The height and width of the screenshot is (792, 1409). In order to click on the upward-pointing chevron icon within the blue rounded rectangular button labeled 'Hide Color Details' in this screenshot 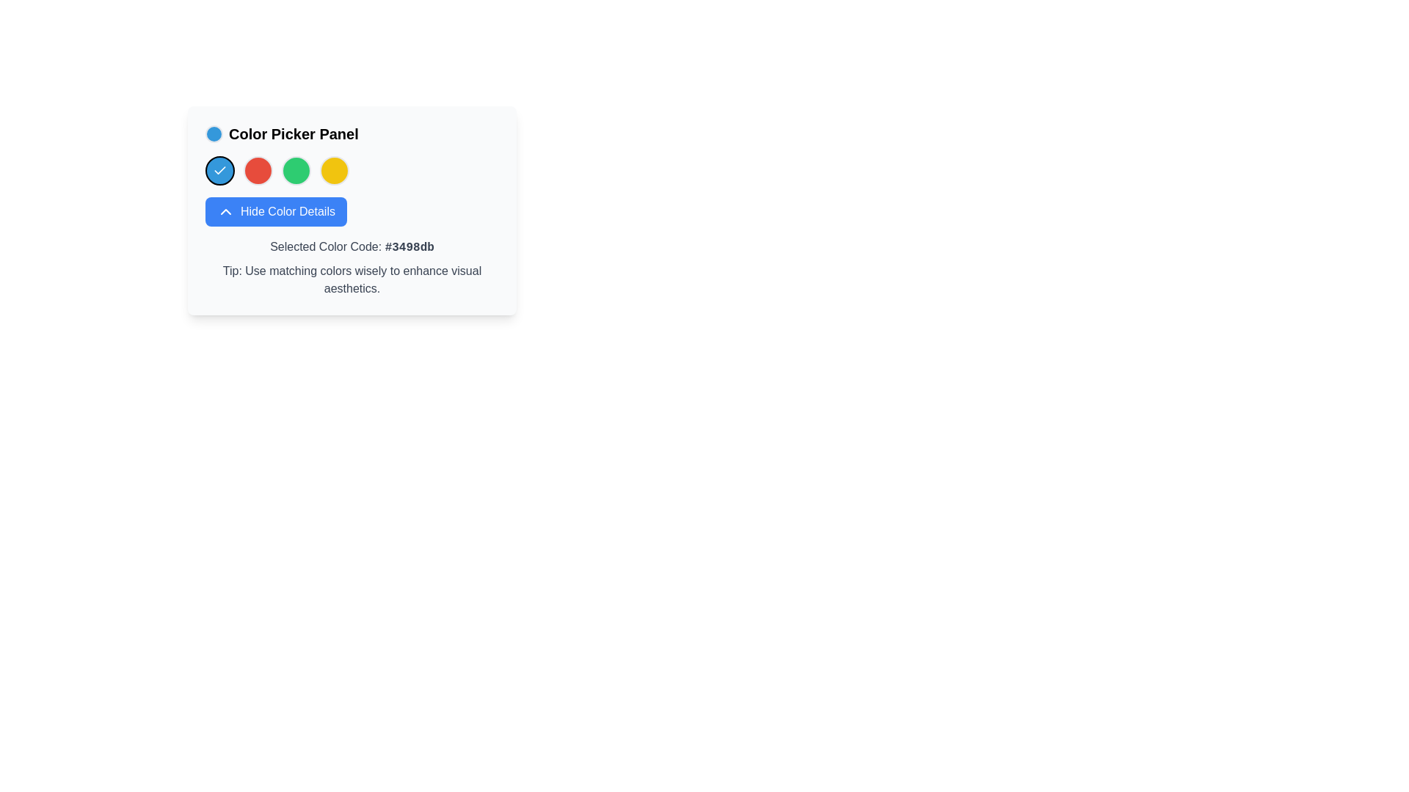, I will do `click(225, 212)`.